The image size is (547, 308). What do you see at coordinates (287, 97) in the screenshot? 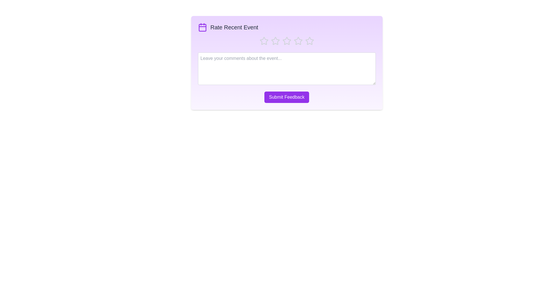
I see `the 'Submit Feedback' button to submit the feedback` at bounding box center [287, 97].